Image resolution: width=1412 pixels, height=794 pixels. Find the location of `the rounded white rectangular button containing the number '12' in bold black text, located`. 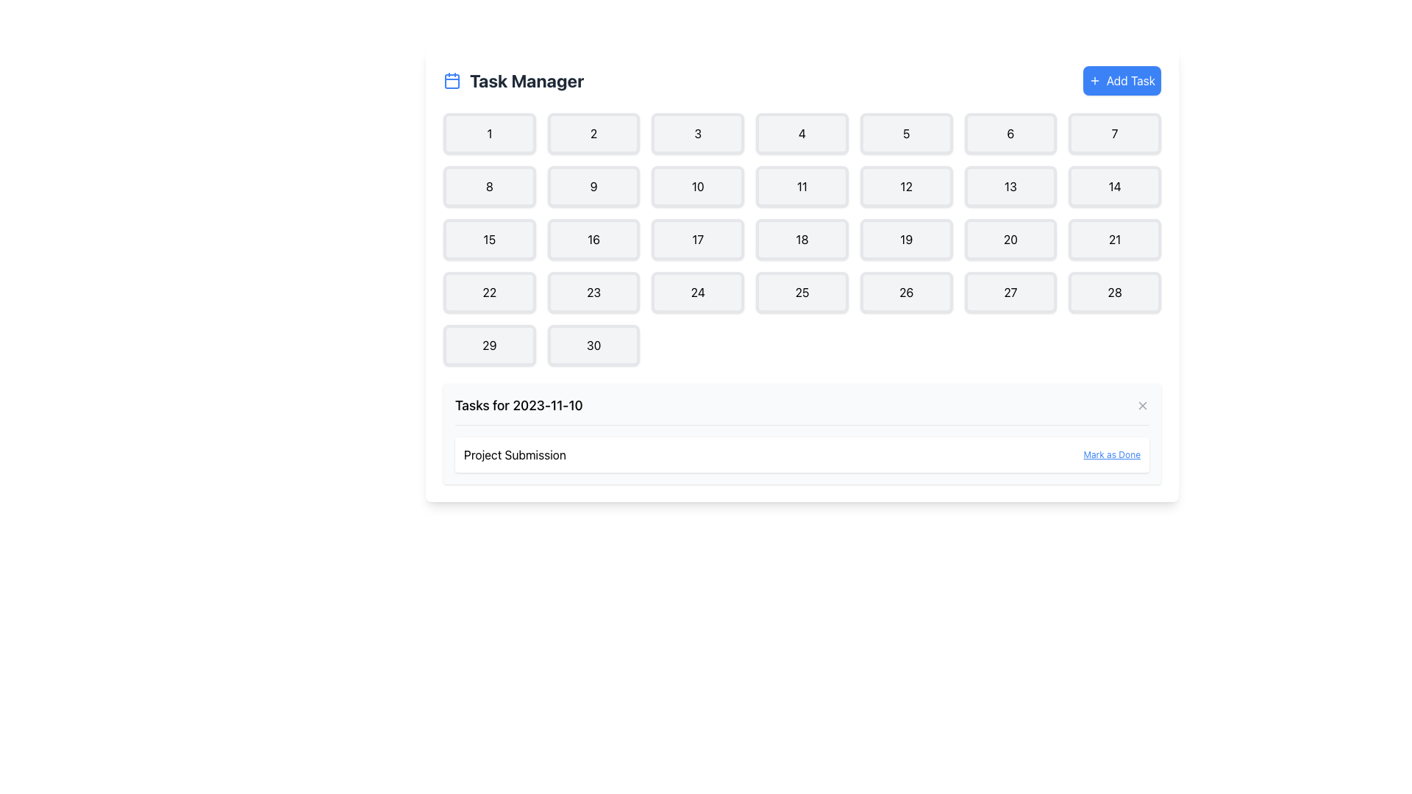

the rounded white rectangular button containing the number '12' in bold black text, located is located at coordinates (905, 186).